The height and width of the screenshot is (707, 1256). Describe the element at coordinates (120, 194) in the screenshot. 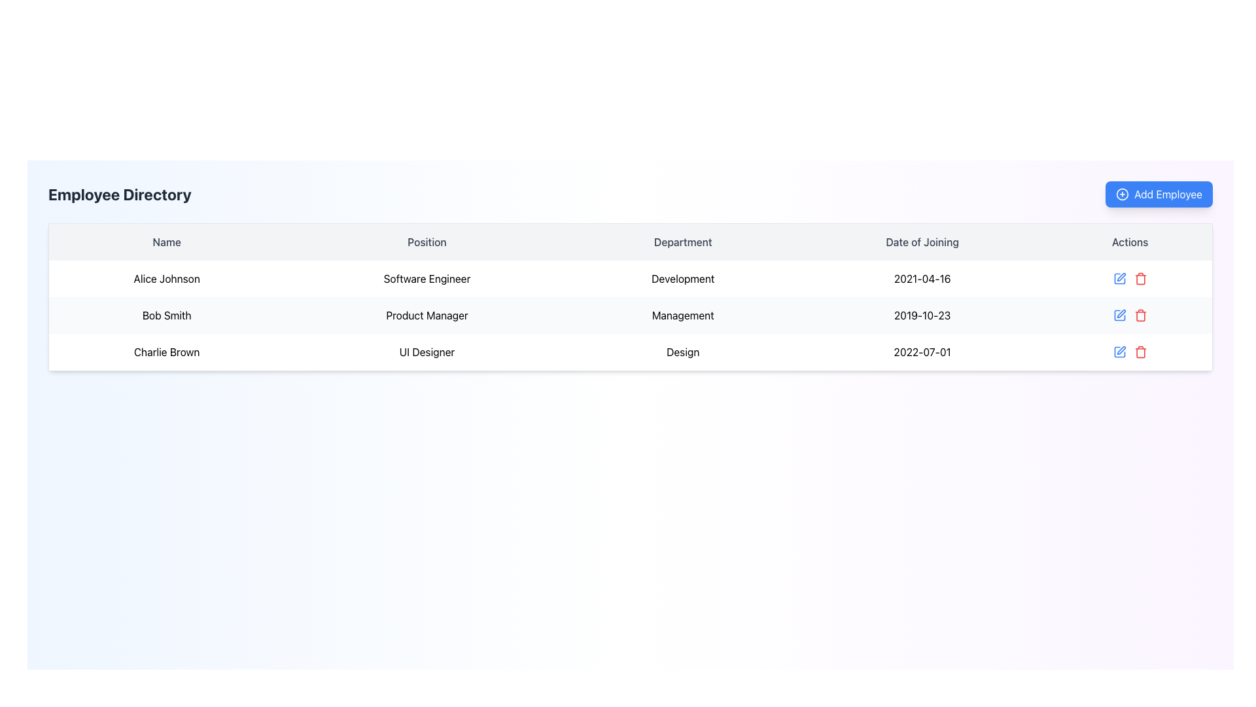

I see `the text label indicating 'Employee Directory', which is positioned at the top left corner of the interface and serves as the title for the page` at that location.